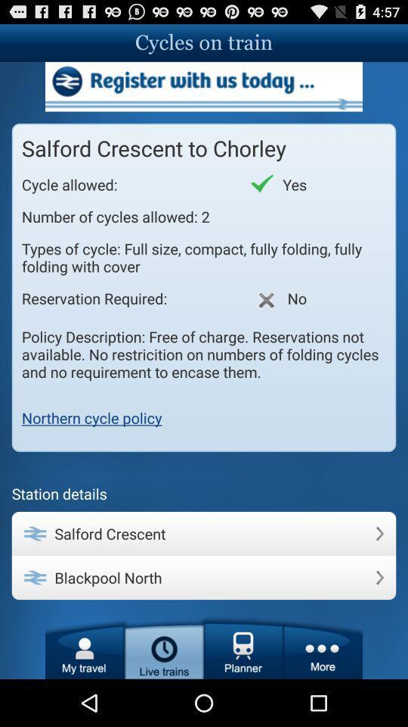  What do you see at coordinates (85, 692) in the screenshot?
I see `the avatar icon` at bounding box center [85, 692].